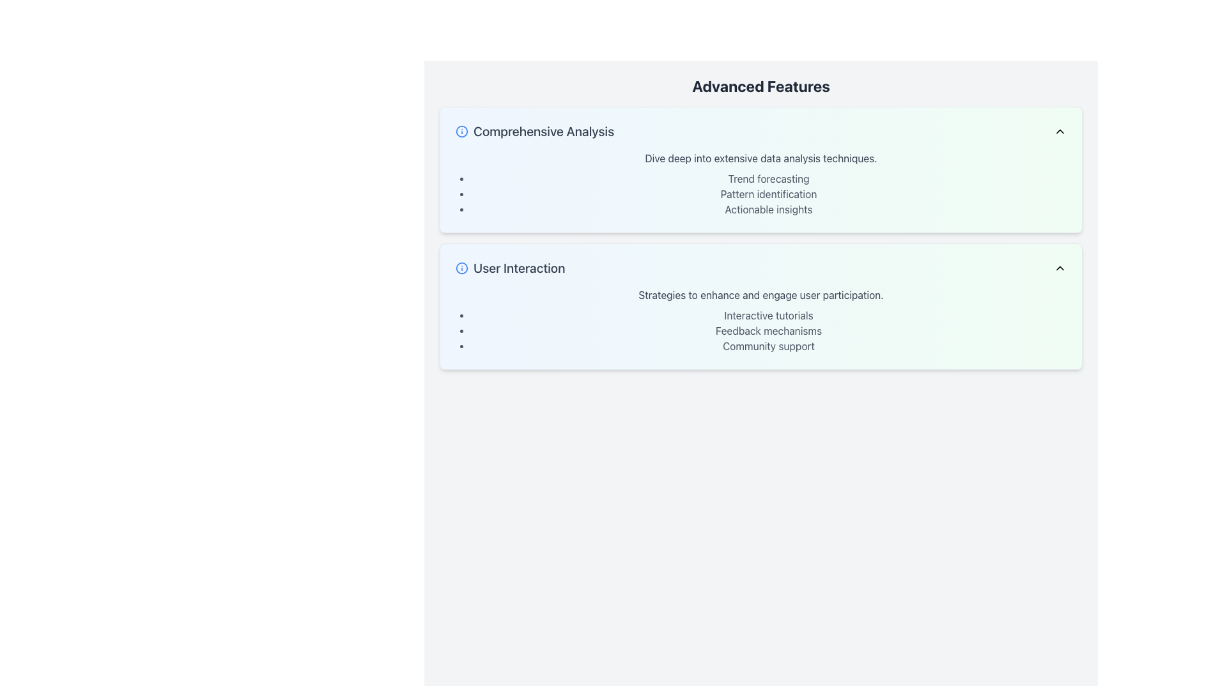 The width and height of the screenshot is (1227, 690). Describe the element at coordinates (1060, 268) in the screenshot. I see `the upward-pointing chevron arrow icon located on the right side of the 'User Interaction' section header, characterized by its minimalist design with black borders` at that location.